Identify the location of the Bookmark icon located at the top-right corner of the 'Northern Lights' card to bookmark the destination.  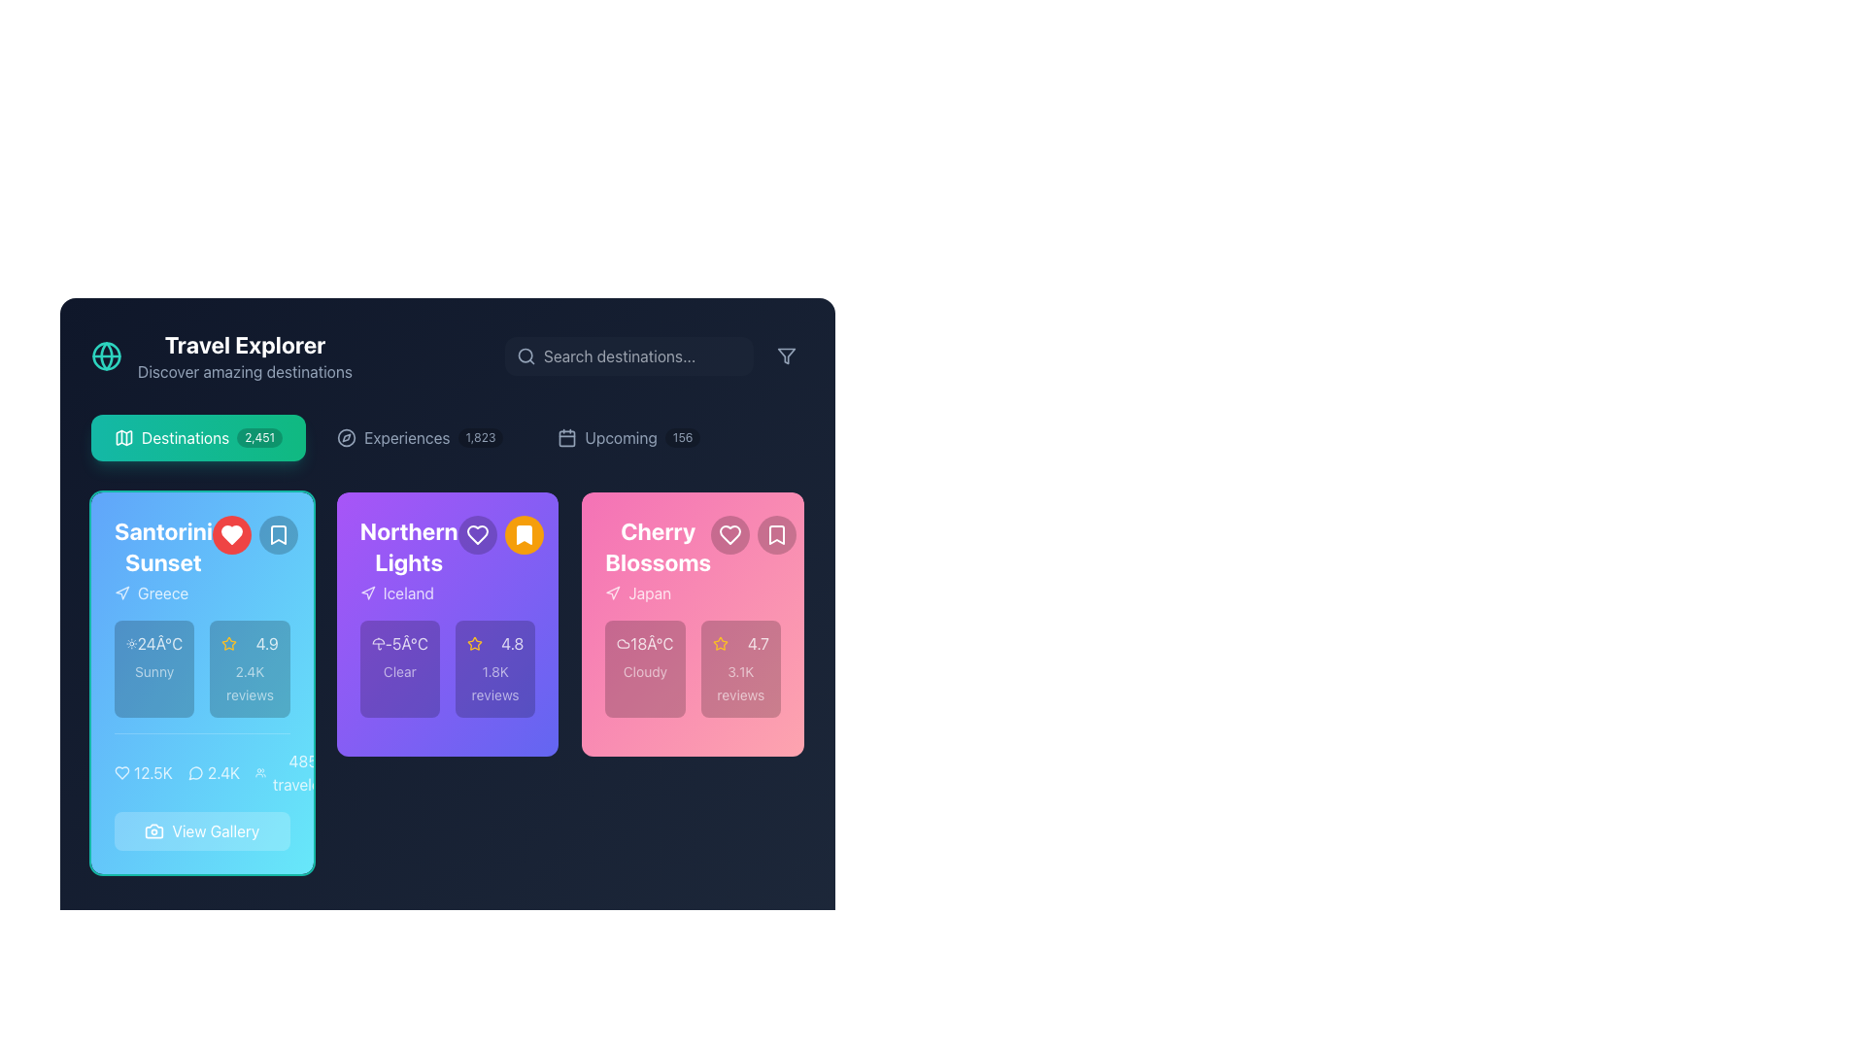
(524, 535).